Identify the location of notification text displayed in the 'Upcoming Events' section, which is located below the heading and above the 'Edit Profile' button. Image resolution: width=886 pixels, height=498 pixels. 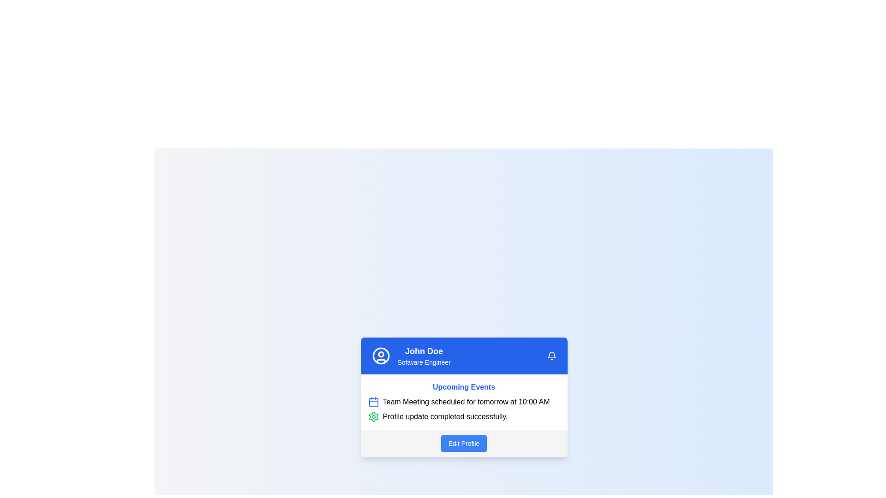
(464, 409).